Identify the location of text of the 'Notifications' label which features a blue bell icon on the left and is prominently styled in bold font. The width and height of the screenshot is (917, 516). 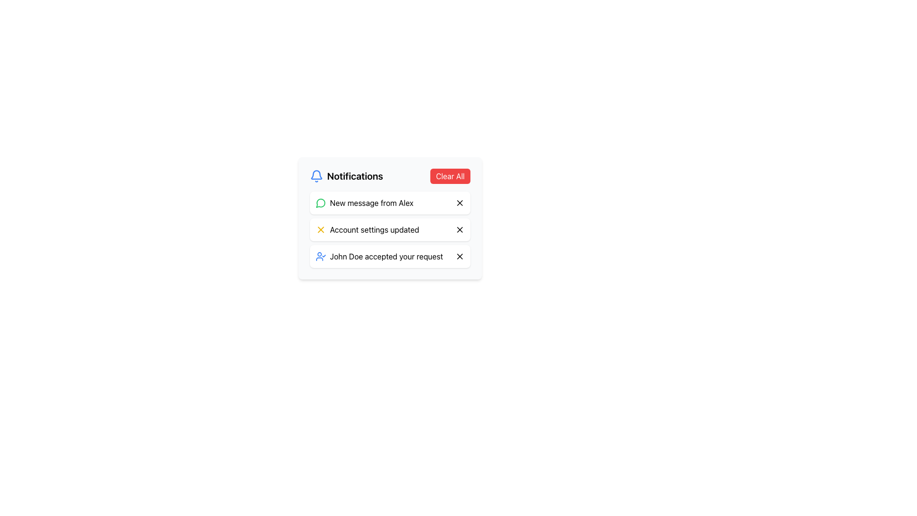
(346, 176).